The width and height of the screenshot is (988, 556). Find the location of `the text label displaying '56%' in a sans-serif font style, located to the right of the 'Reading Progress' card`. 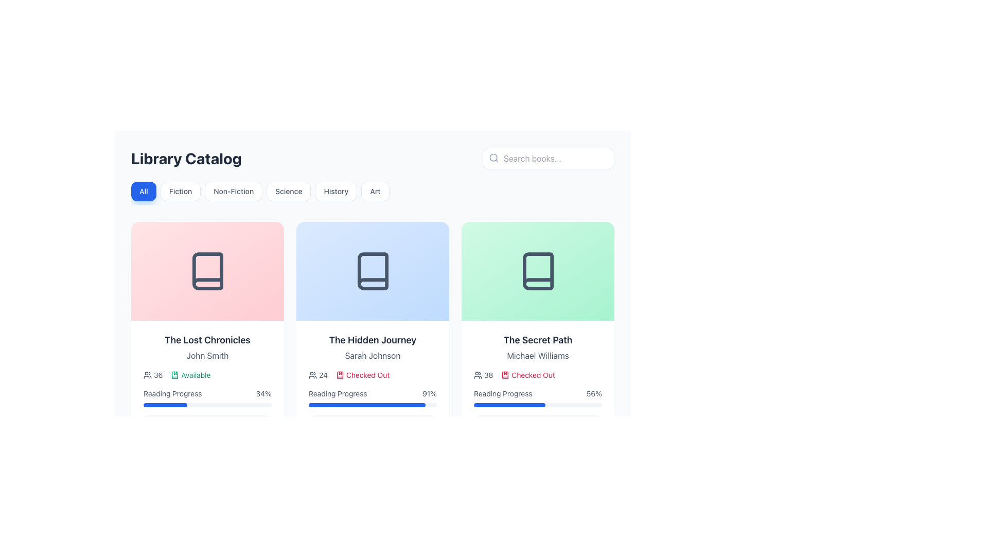

the text label displaying '56%' in a sans-serif font style, located to the right of the 'Reading Progress' card is located at coordinates (594, 393).